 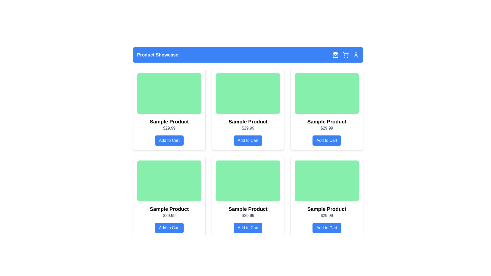 I want to click on the shopping bag icon located in the top navigation bar, which is the leftmost icon among three icons, so click(x=335, y=55).